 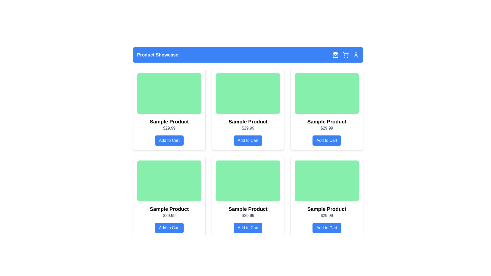 I want to click on the shopping bag icon located in the top navigation bar, which is the leftmost icon among three icons, so click(x=335, y=55).